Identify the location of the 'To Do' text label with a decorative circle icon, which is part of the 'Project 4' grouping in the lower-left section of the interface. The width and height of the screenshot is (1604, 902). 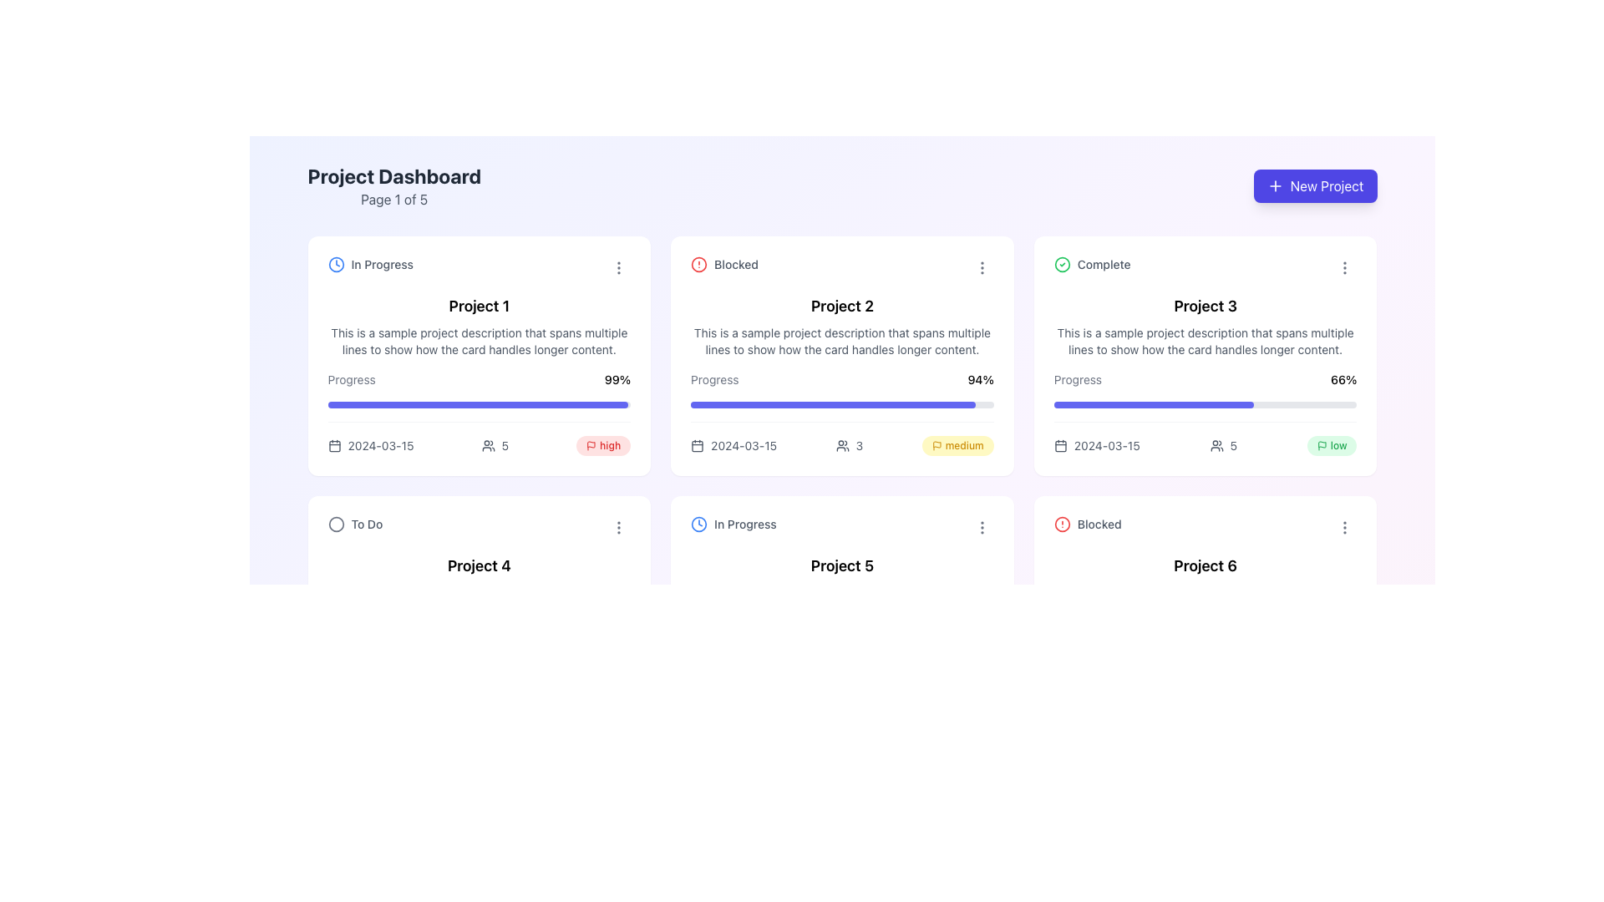
(354, 524).